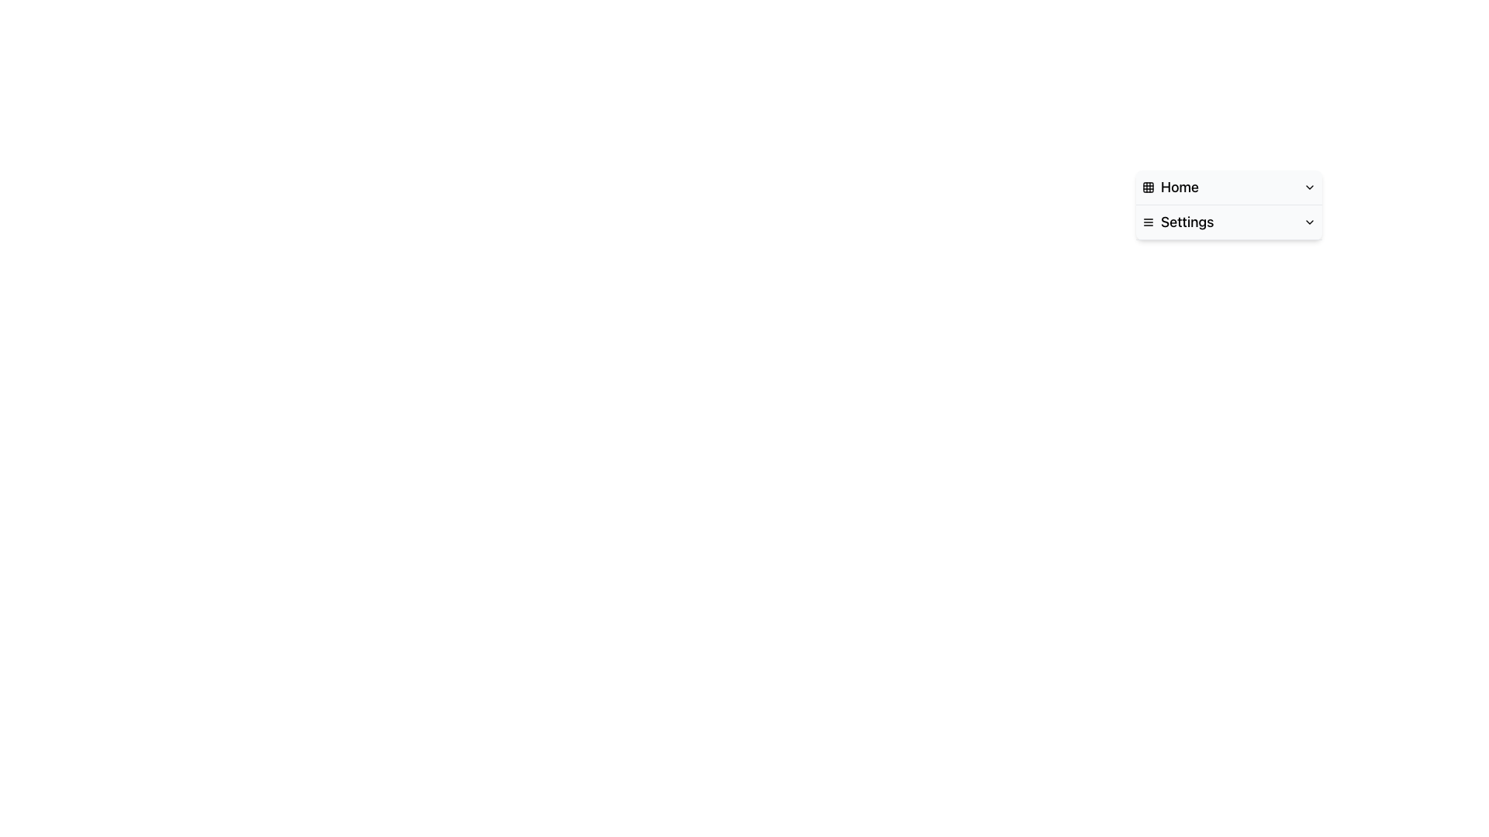 This screenshot has width=1489, height=837. I want to click on the topmost menu item in the vertical list, so click(1228, 187).